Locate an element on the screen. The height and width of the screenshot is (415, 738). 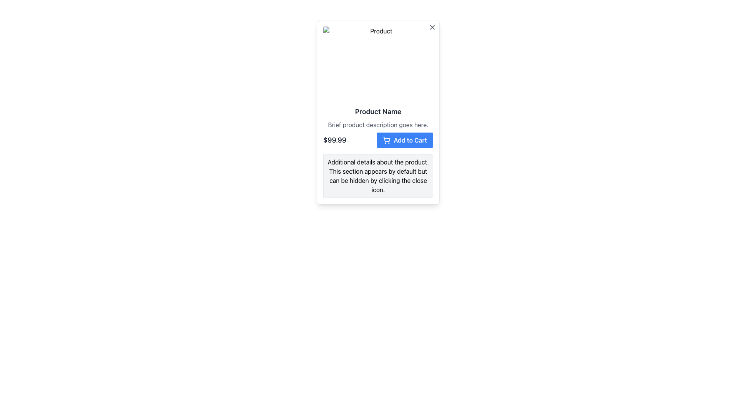
text displayed in the price label located in the lower section of the card layout, to the left of the 'Add to Cart' button is located at coordinates (334, 140).